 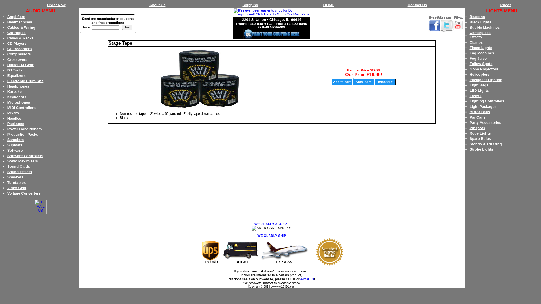 What do you see at coordinates (7, 43) in the screenshot?
I see `'CD Players'` at bounding box center [7, 43].